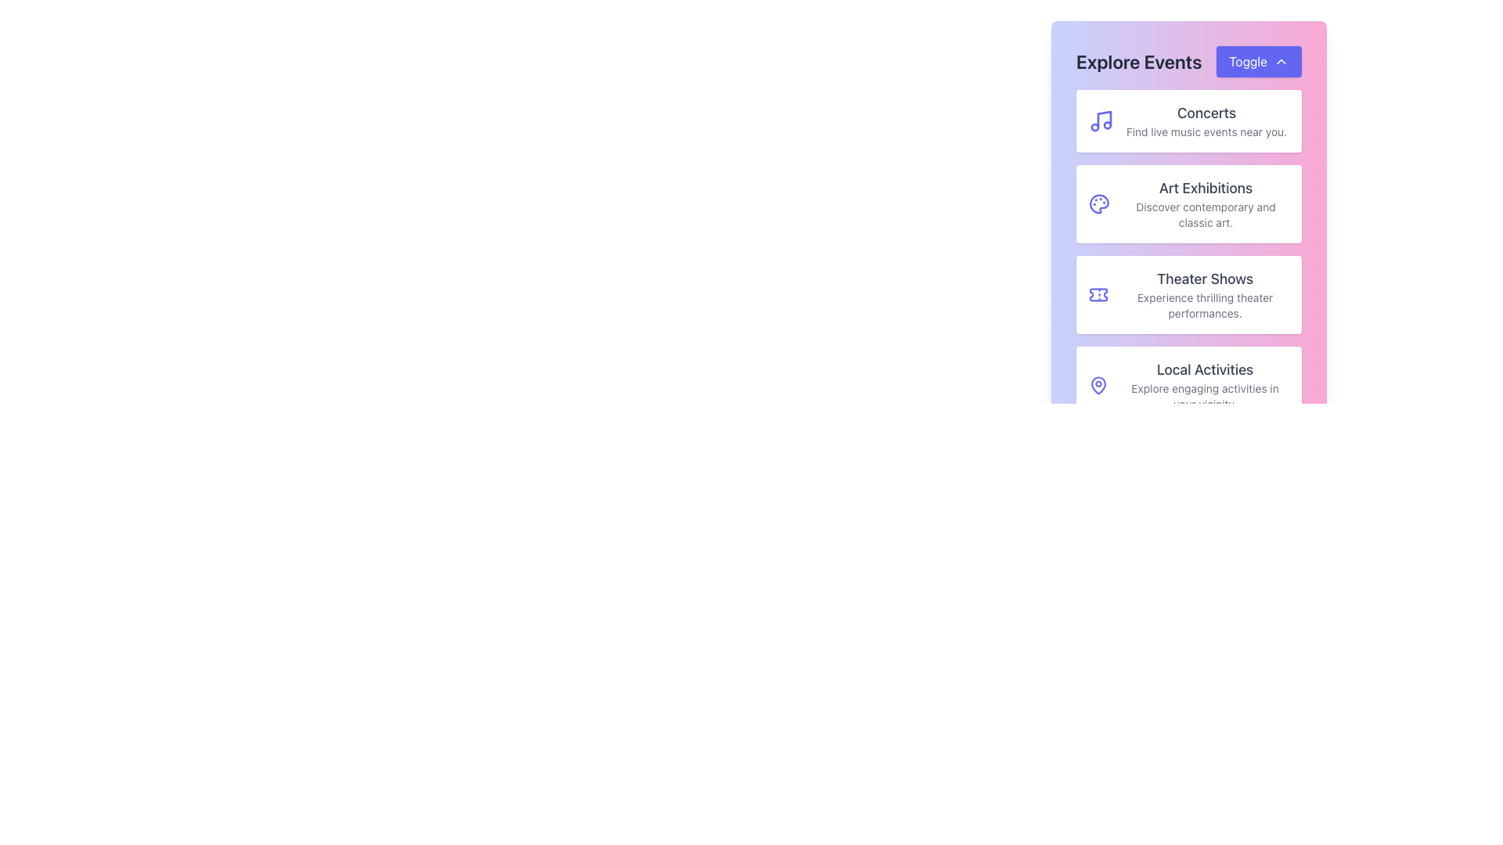  What do you see at coordinates (1204, 295) in the screenshot?
I see `the third menu option under 'Explore Events' labeled as 'Theater Shows'` at bounding box center [1204, 295].